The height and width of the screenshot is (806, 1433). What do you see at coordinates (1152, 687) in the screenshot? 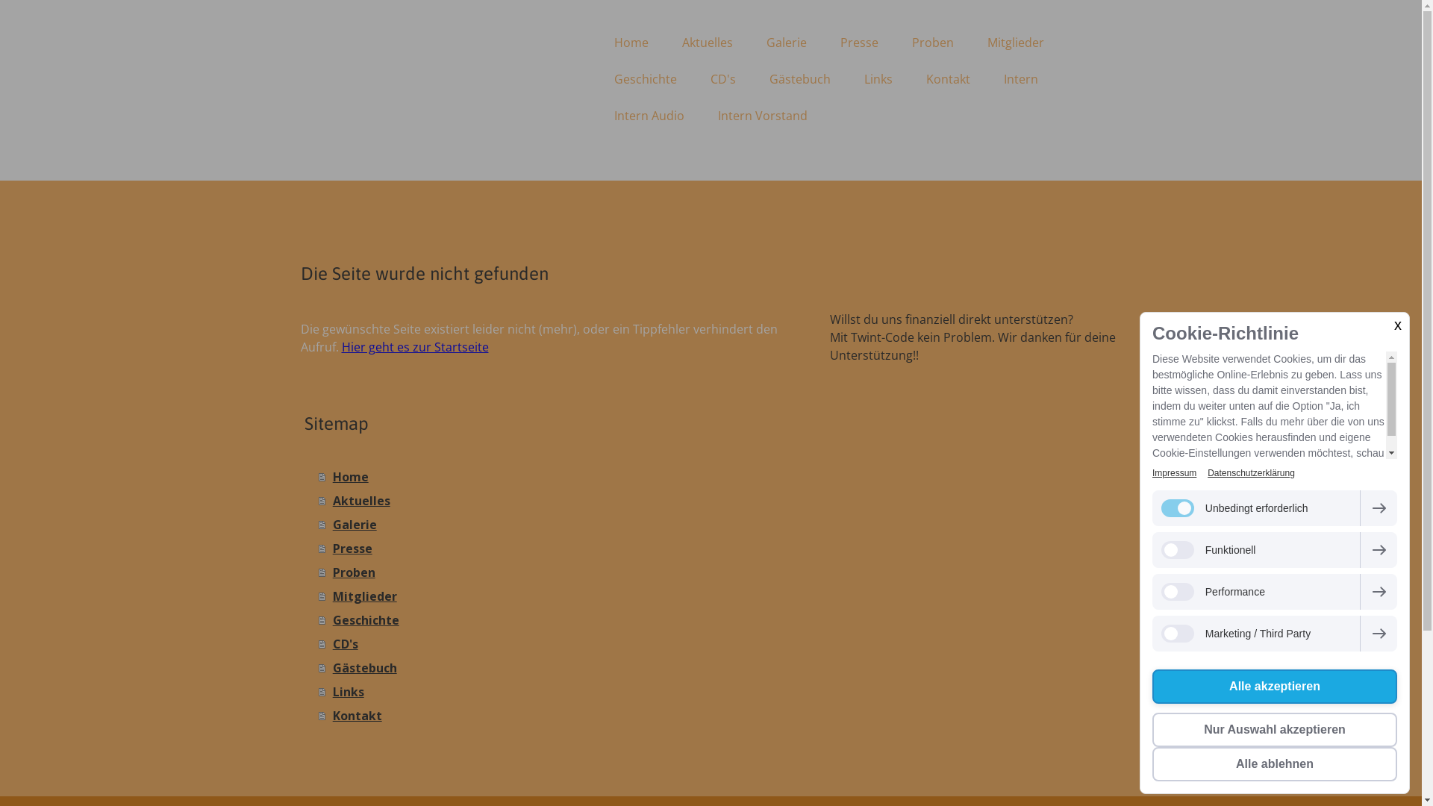
I see `'Alle akzeptieren'` at bounding box center [1152, 687].